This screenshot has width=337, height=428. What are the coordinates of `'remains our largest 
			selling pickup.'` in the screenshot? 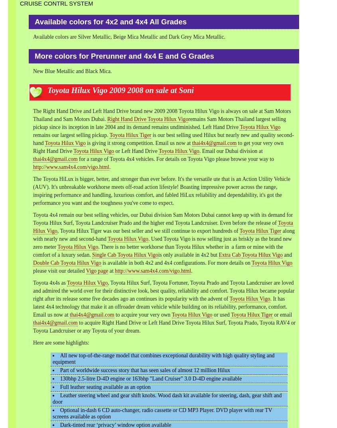 It's located at (71, 135).